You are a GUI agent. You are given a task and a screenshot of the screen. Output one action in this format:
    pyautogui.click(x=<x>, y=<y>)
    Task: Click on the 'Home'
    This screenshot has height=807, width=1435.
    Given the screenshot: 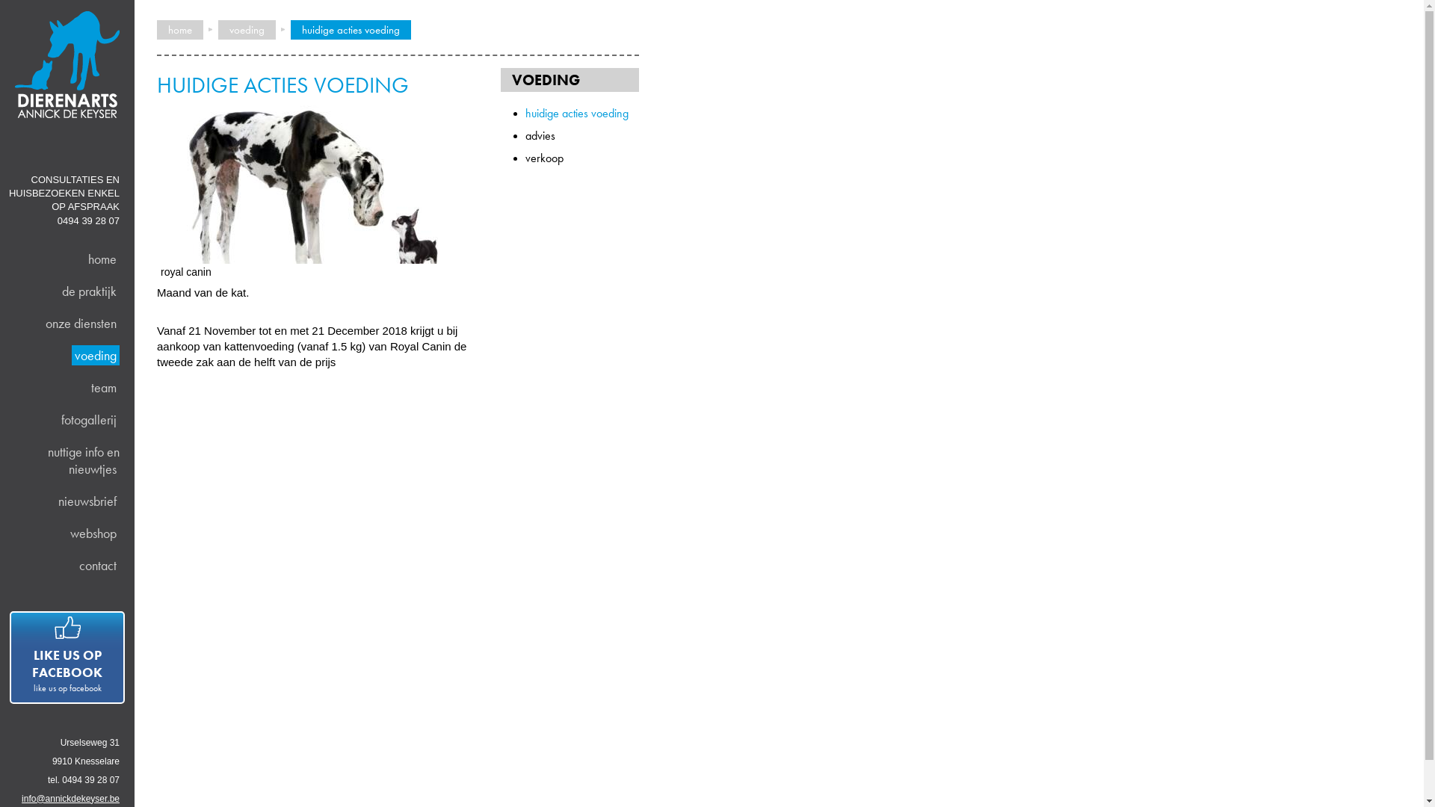 What is the action you would take?
    pyautogui.click(x=60, y=137)
    